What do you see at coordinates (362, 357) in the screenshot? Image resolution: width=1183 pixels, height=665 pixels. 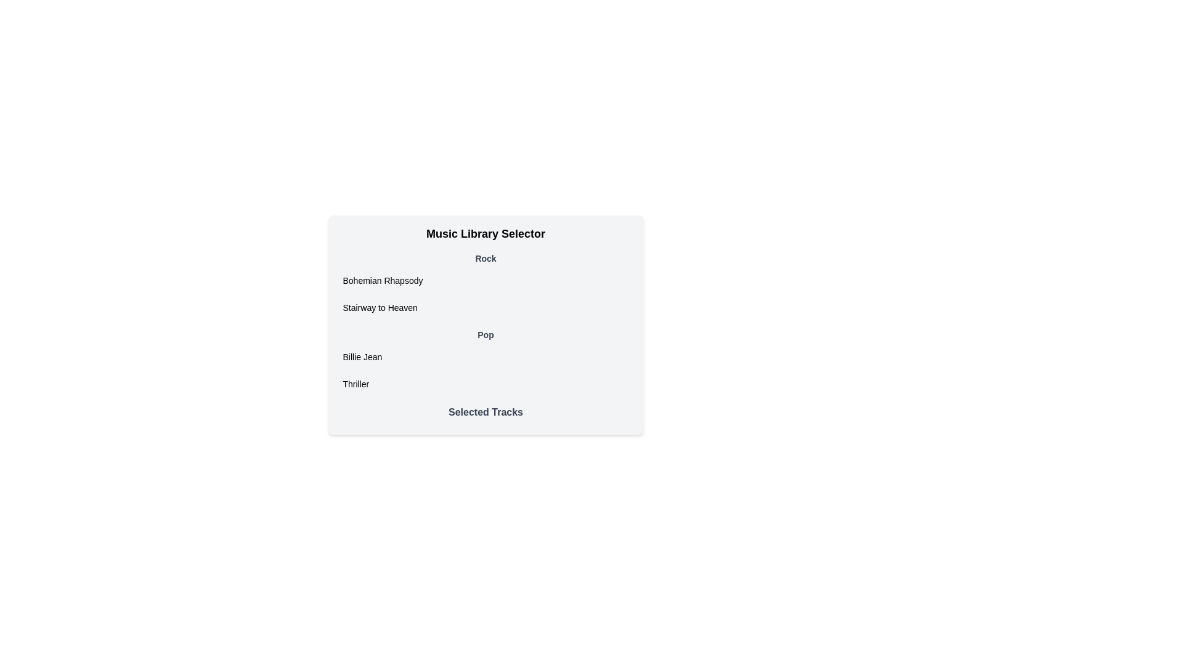 I see `the text label 'Billie Jean' which represents a song title in the 'Pop' category of the music library interface` at bounding box center [362, 357].